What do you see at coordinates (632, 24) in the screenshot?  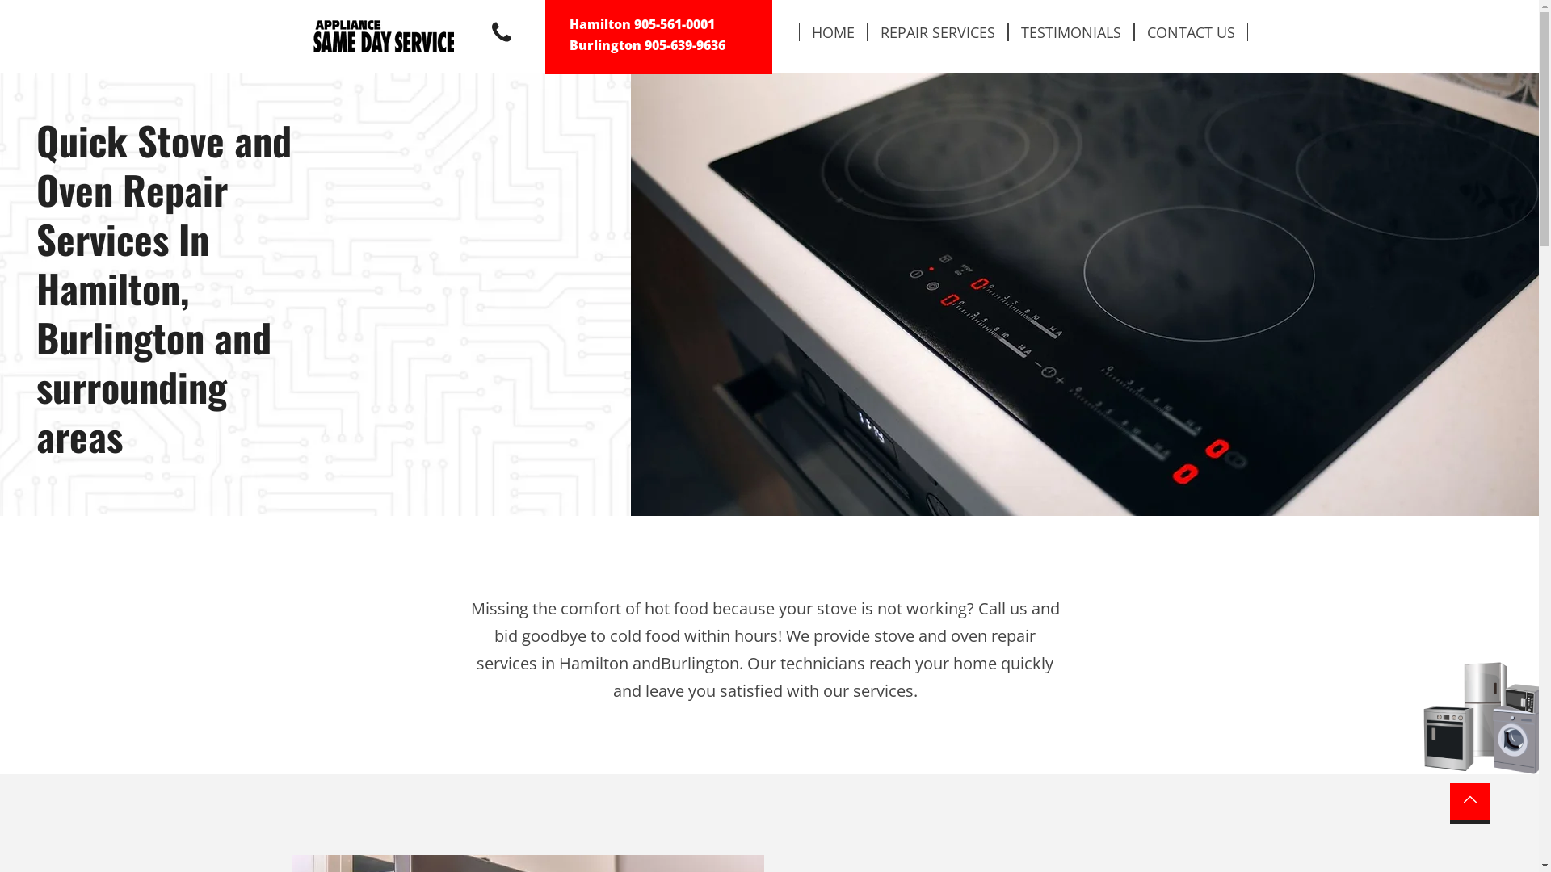 I see `'905-561-0001'` at bounding box center [632, 24].